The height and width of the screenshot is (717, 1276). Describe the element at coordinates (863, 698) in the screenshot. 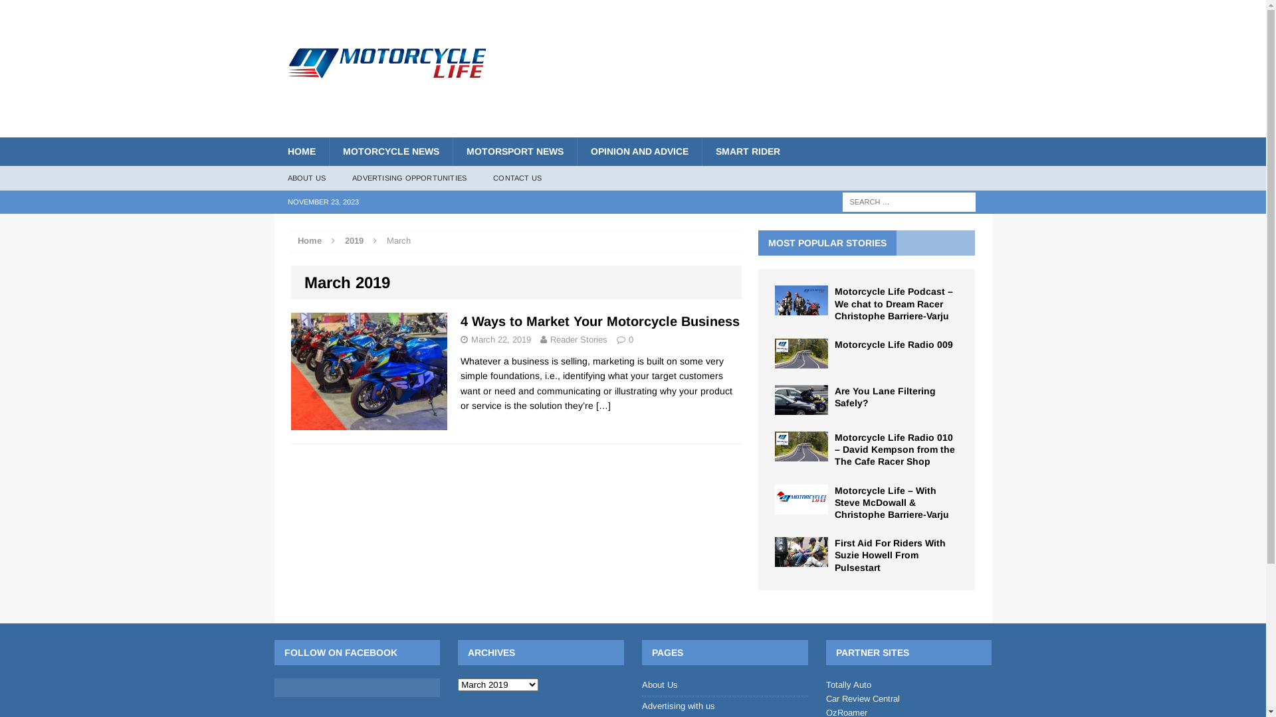

I see `'Car Review Central'` at that location.